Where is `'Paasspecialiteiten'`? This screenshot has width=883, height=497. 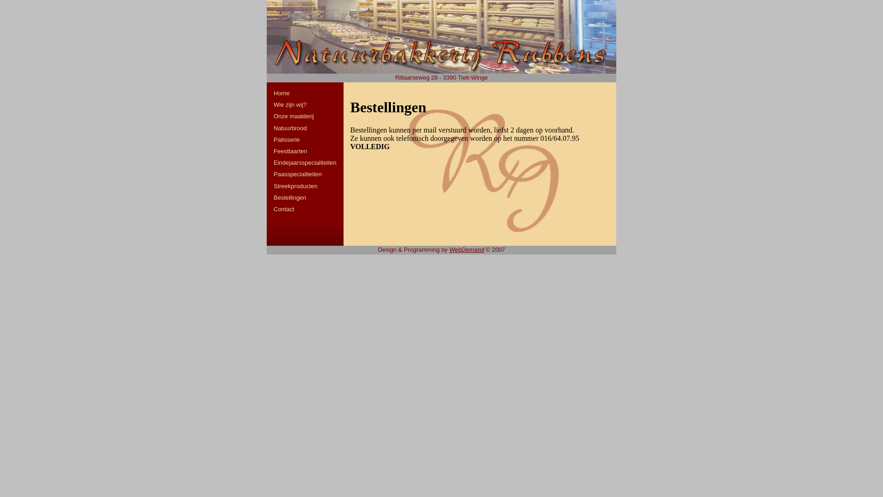 'Paasspecialiteiten' is located at coordinates (298, 174).